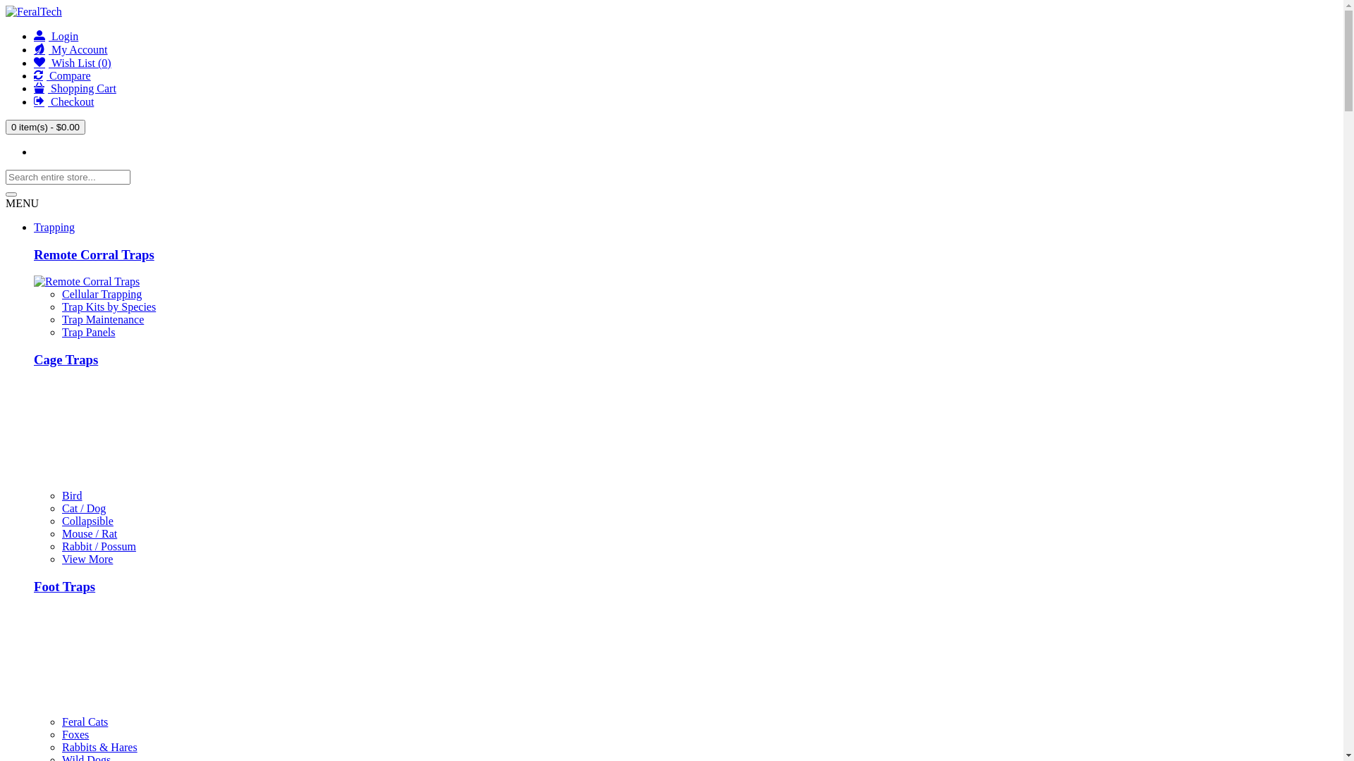  What do you see at coordinates (54, 226) in the screenshot?
I see `'Trapping'` at bounding box center [54, 226].